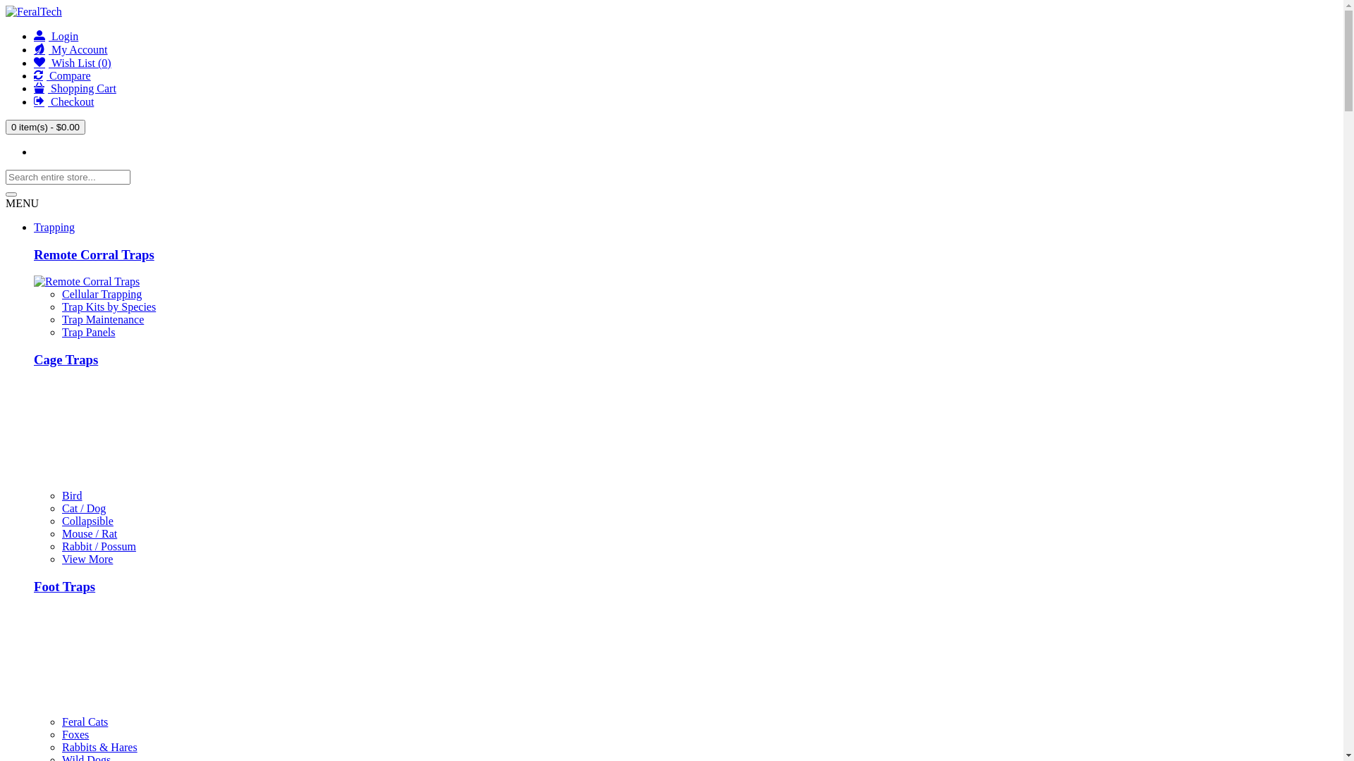  What do you see at coordinates (54, 226) in the screenshot?
I see `'Trapping'` at bounding box center [54, 226].